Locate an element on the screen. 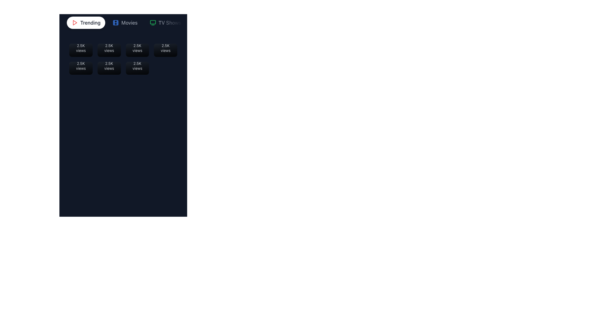 The width and height of the screenshot is (591, 332). the red play button icon located to the left of the 'Trending' text label within the top navigation menu is located at coordinates (74, 22).